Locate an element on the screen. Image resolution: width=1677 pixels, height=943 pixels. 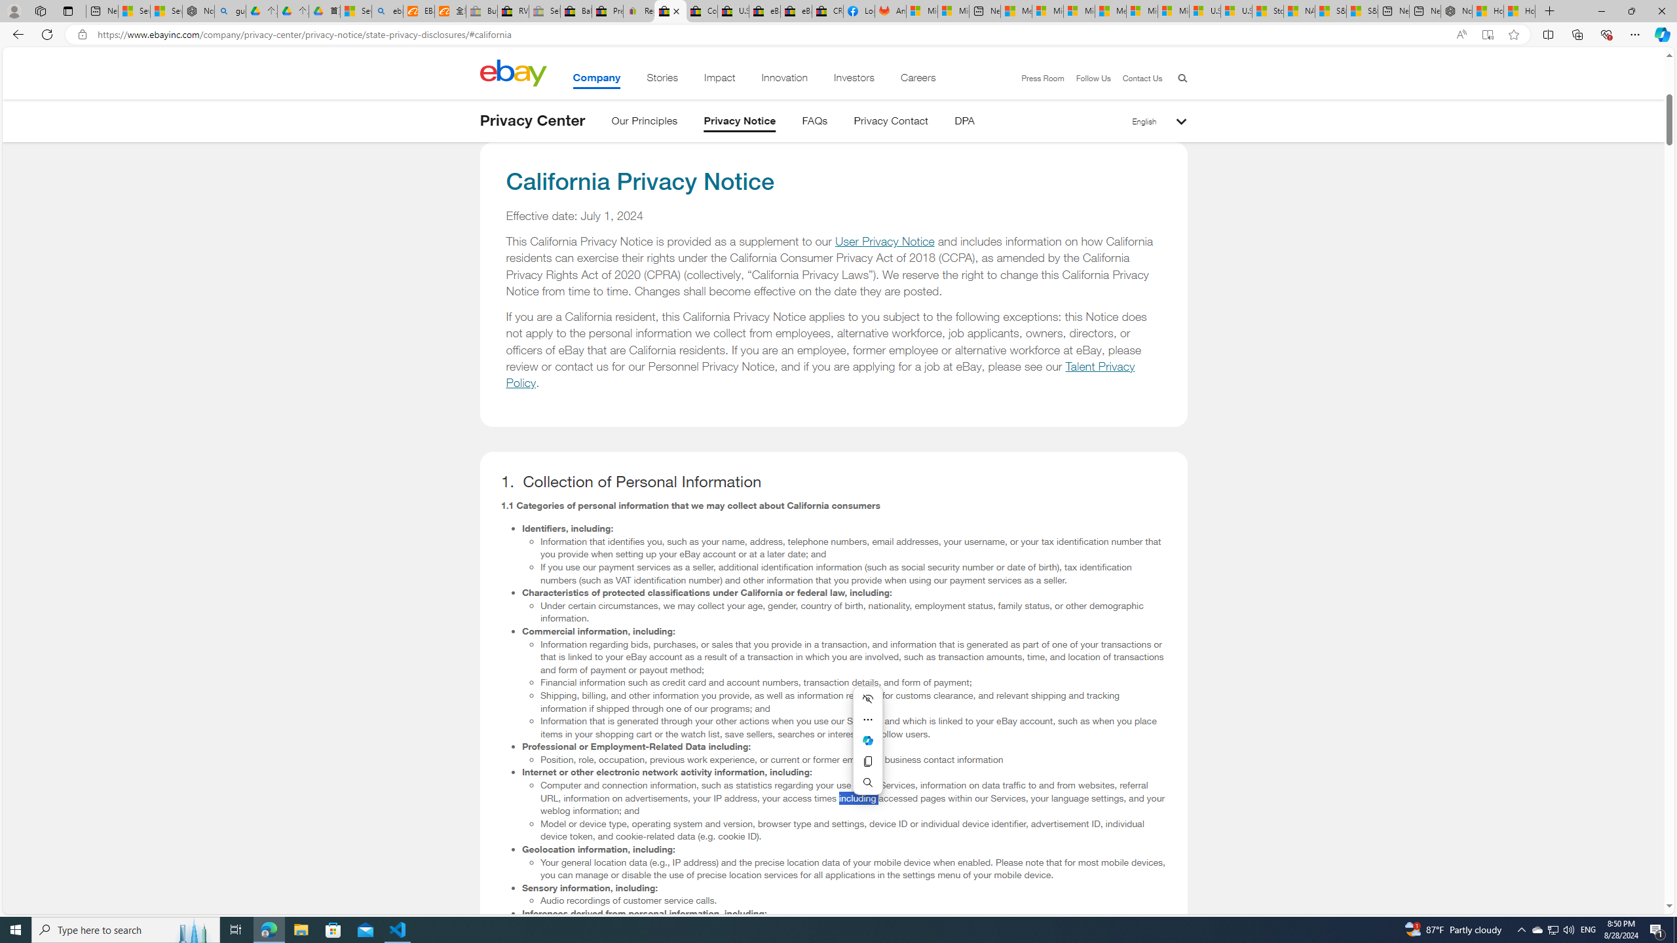
'Copy' is located at coordinates (867, 762).